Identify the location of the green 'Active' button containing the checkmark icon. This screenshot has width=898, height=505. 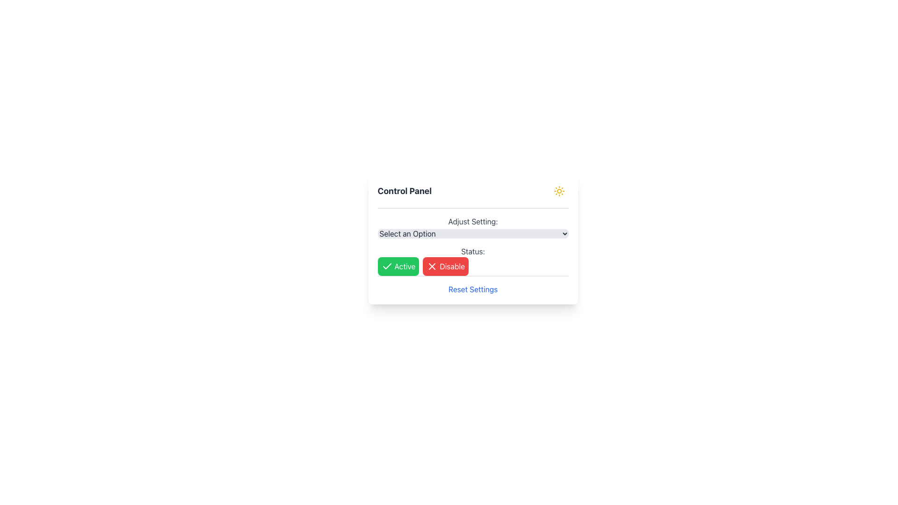
(387, 266).